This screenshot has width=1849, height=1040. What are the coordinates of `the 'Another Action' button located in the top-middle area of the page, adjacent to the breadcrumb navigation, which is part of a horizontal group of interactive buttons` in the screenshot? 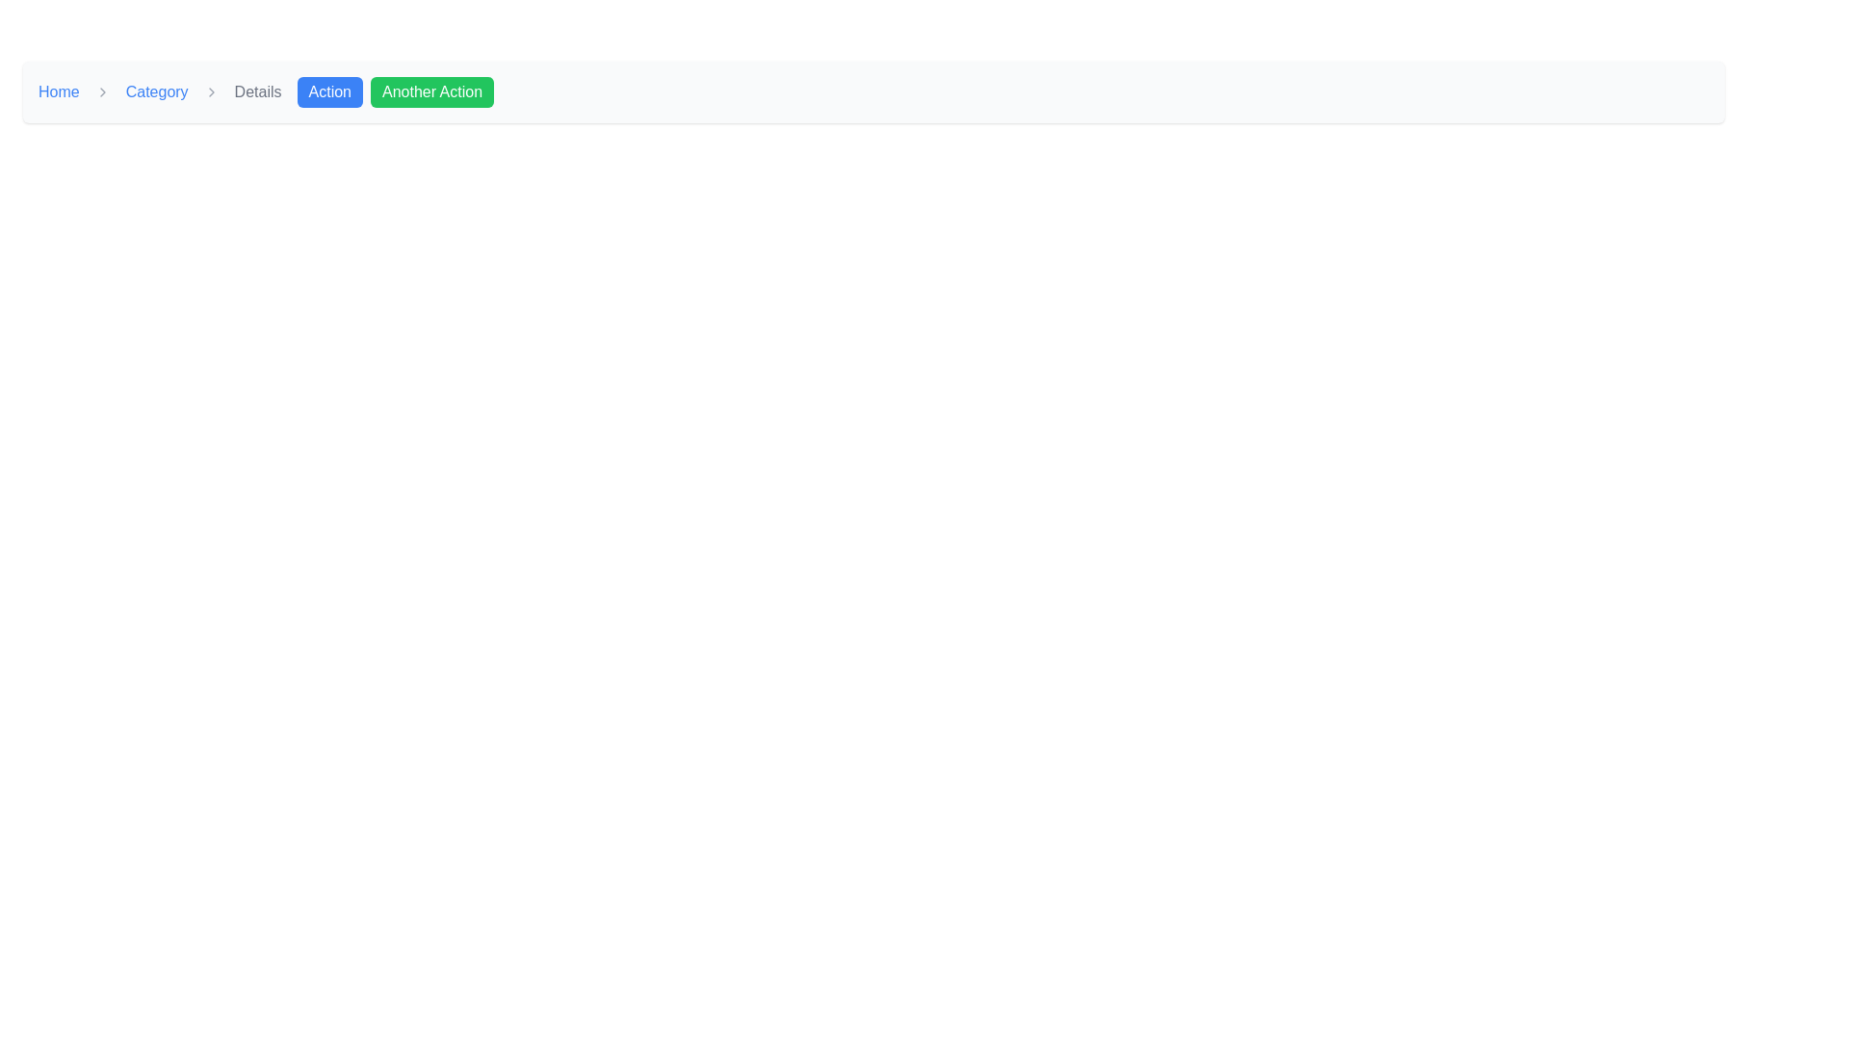 It's located at (394, 92).